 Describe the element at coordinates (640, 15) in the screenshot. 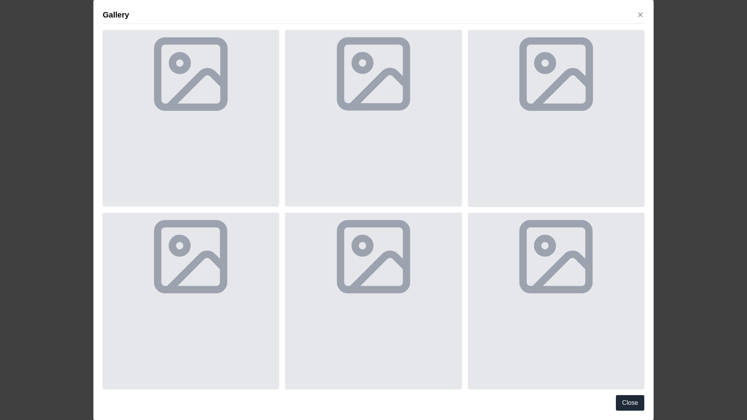

I see `the close button located at the top-right corner of the modal header to change its color` at that location.